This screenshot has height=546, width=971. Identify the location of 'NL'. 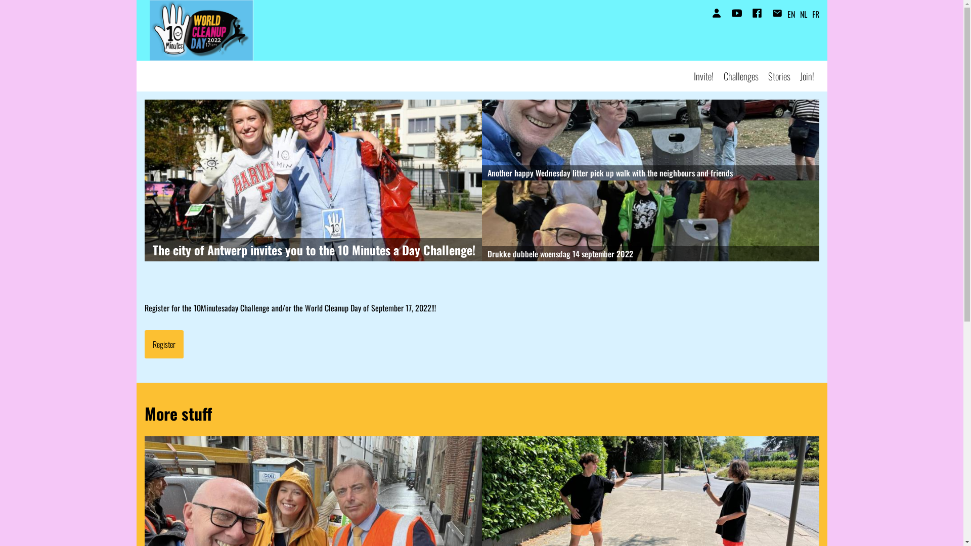
(803, 14).